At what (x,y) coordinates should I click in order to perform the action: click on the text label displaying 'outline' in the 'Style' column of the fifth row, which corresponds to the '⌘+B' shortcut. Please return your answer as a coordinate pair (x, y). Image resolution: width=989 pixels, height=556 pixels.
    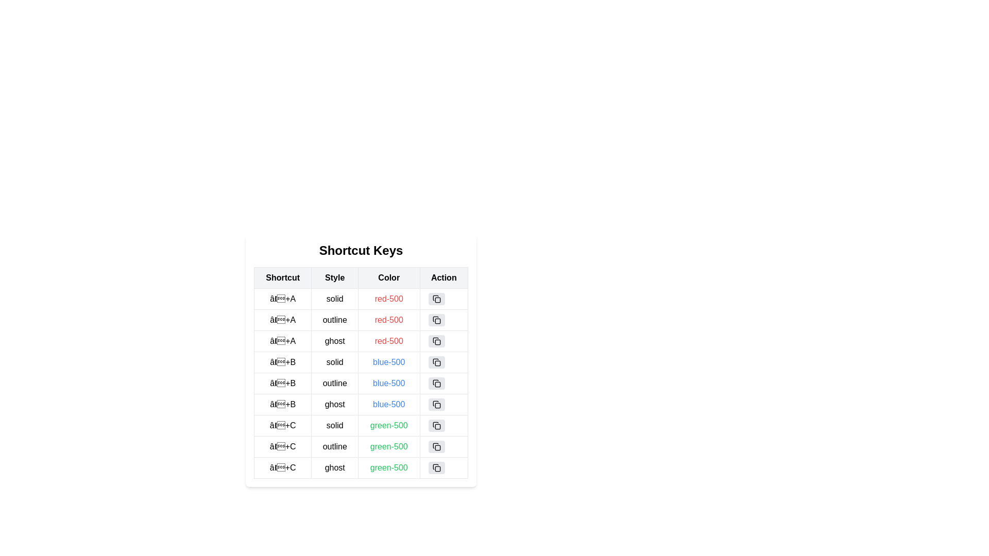
    Looking at the image, I should click on (335, 383).